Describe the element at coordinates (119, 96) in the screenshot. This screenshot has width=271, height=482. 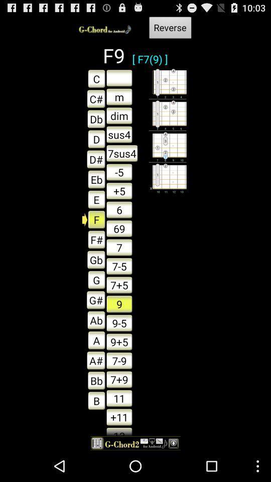
I see `the button which is next to the c` at that location.